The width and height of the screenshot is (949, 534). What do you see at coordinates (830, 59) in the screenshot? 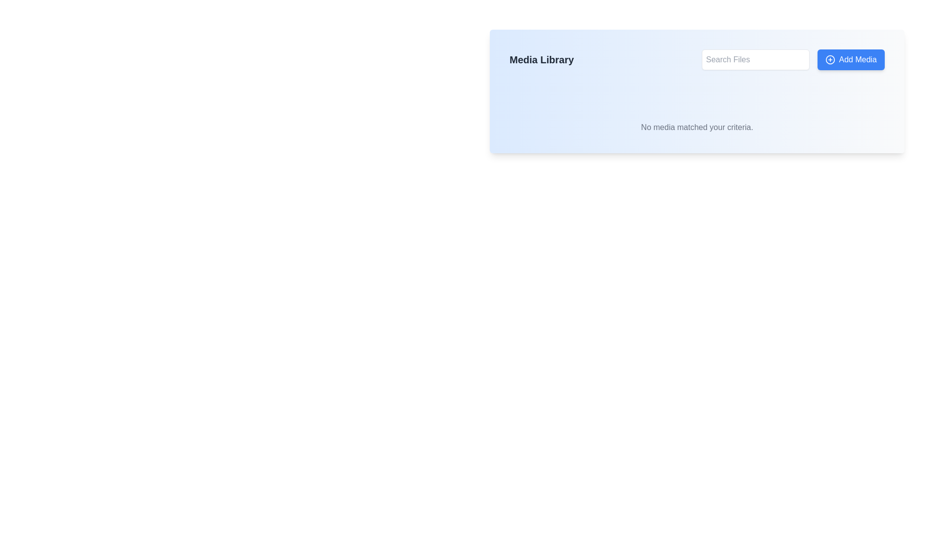
I see `the Icon located to the left of the 'Add Media' button, which indicates an action to add or create new media` at bounding box center [830, 59].